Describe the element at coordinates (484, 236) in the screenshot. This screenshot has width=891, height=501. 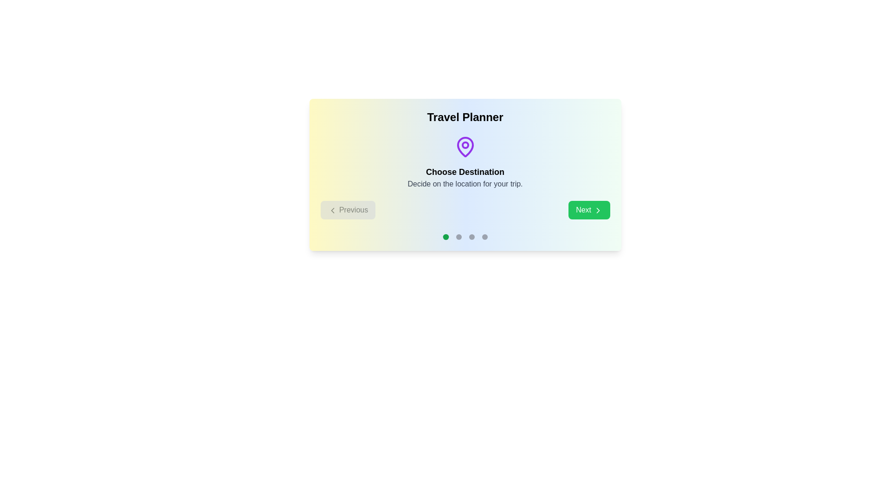
I see `the fourth circular indicator with a gray fill that represents a non-active state among a group of similar icons located near the bottom center of the interface` at that location.